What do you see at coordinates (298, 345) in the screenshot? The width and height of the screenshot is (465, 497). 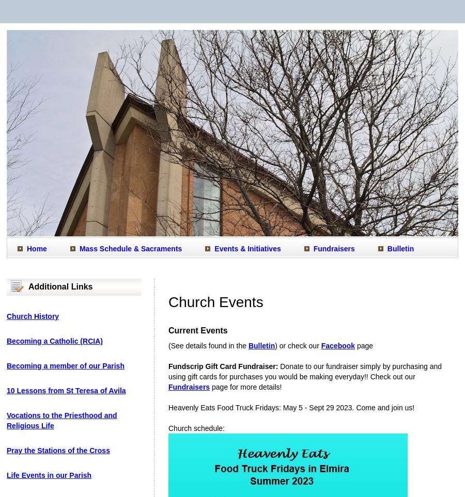 I see `') or check our'` at bounding box center [298, 345].